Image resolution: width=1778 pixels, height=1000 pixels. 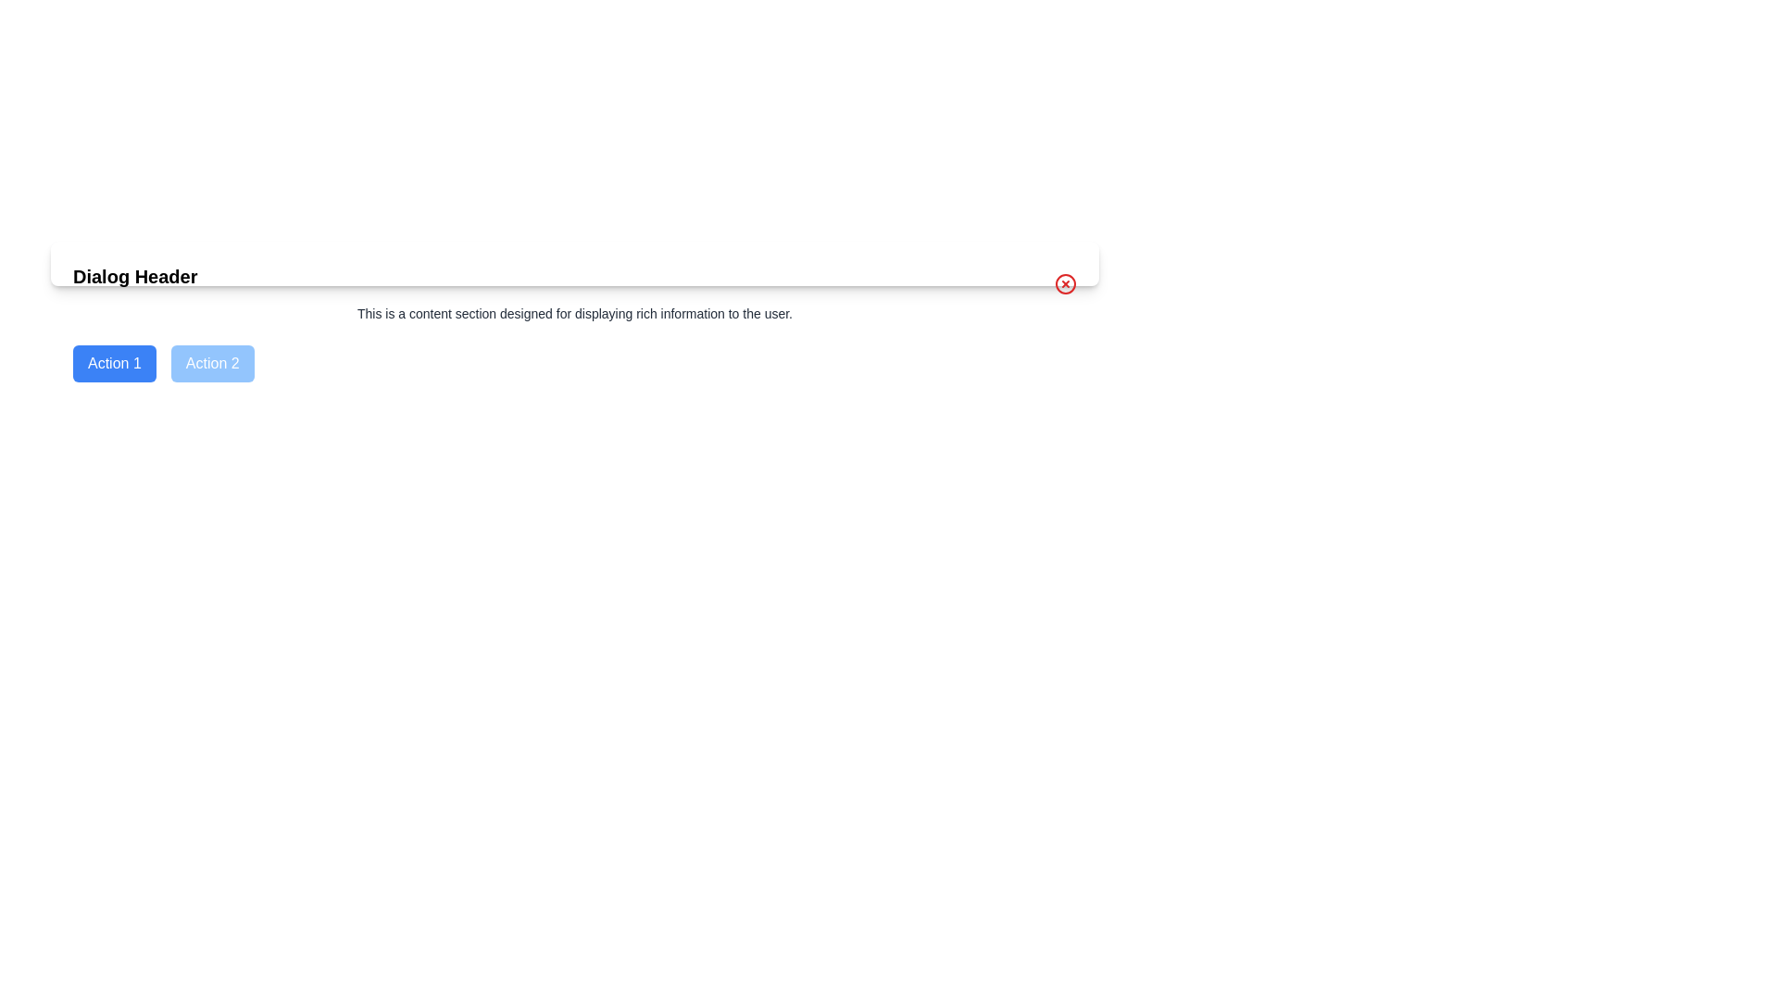 What do you see at coordinates (573, 313) in the screenshot?
I see `the static text display area, which is a single-line text block styled with a smaller font size and gray color, located below the 'Dialog Header' and above the action buttons in the dialog box` at bounding box center [573, 313].